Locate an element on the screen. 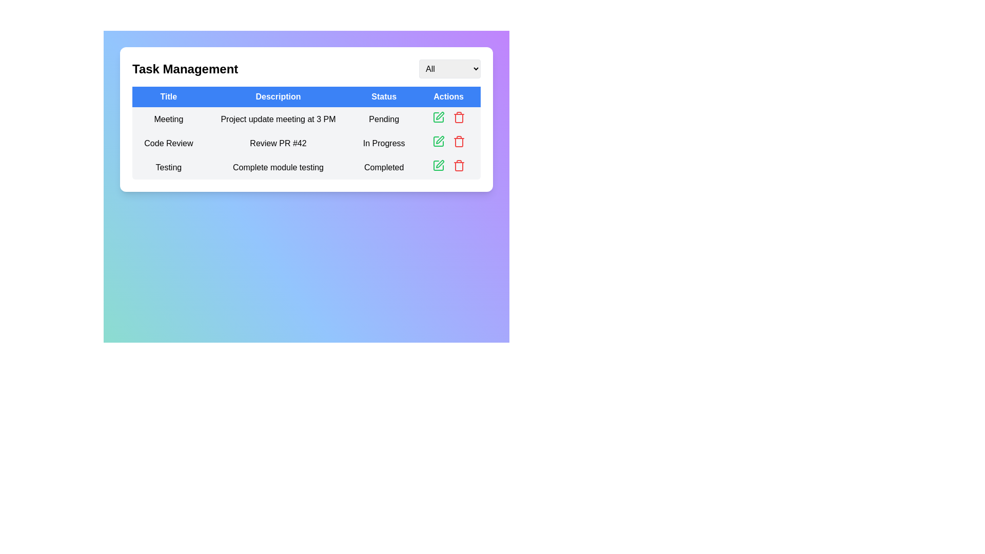 The height and width of the screenshot is (554, 985). the static text element reading 'Complete module testing' located in the 'Description' column of the third row in the table is located at coordinates (278, 167).